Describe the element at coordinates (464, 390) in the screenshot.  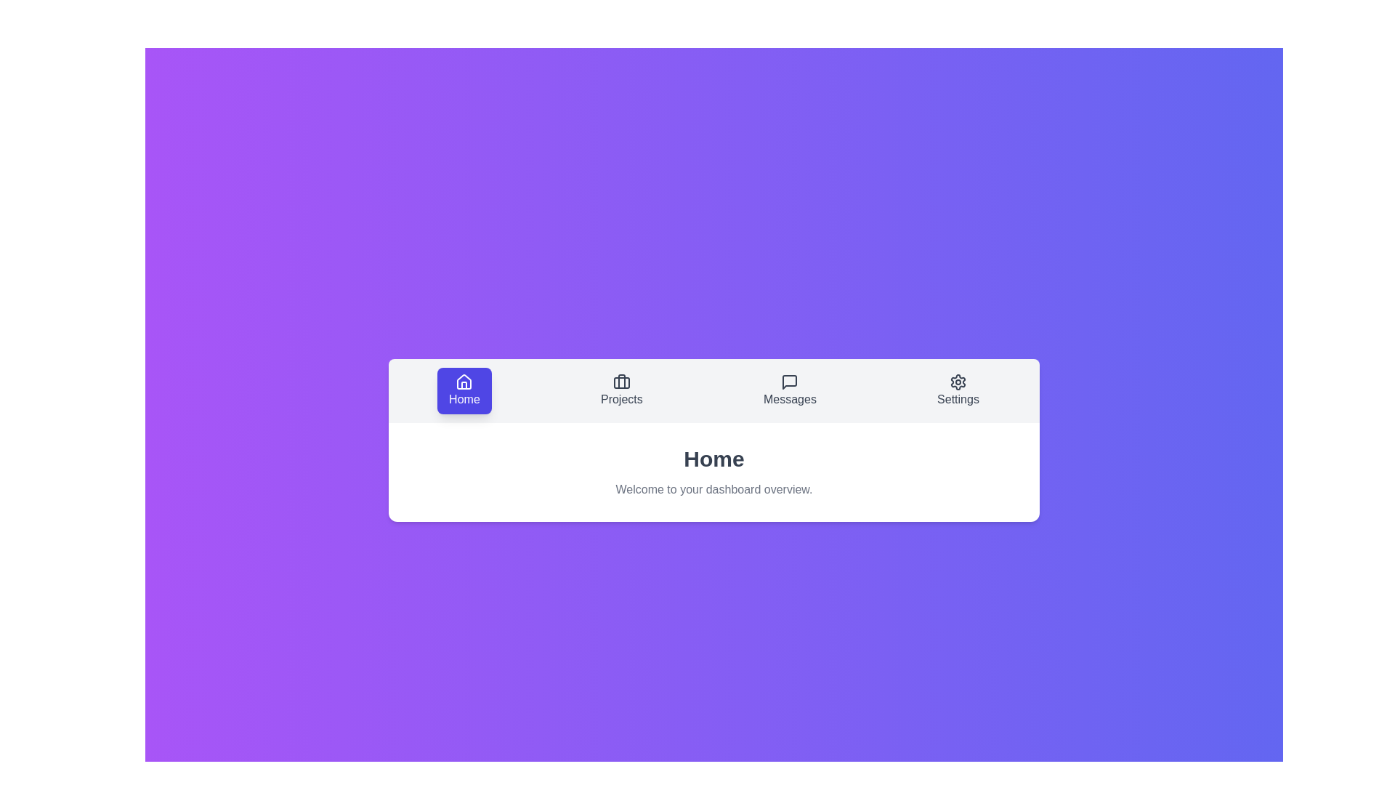
I see `the Home tab by clicking on it` at that location.